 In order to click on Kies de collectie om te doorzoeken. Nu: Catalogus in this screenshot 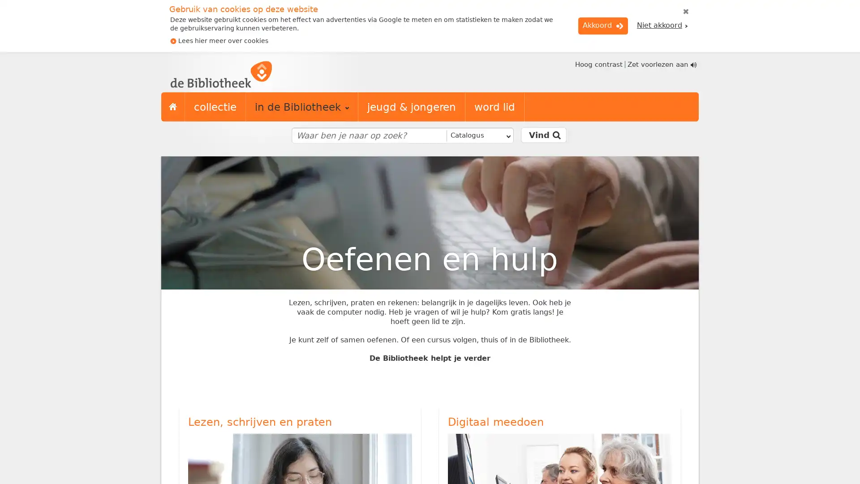, I will do `click(478, 135)`.